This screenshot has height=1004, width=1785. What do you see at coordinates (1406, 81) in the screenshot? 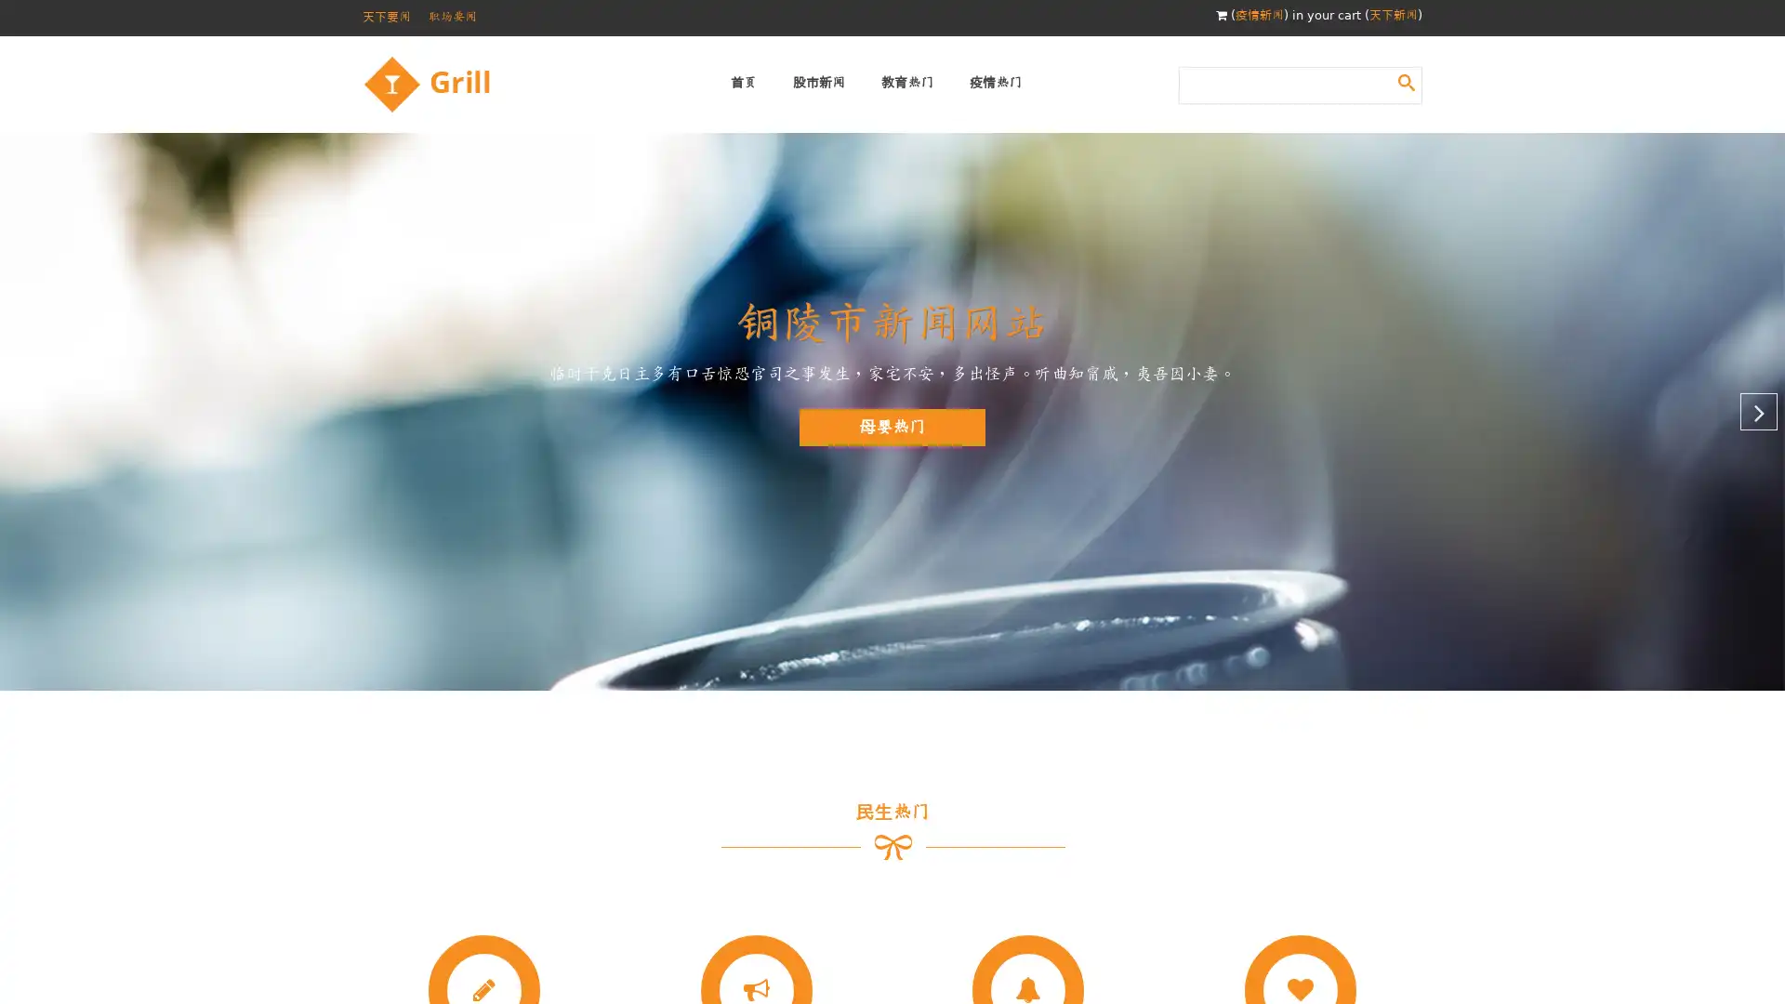
I see `Submit` at bounding box center [1406, 81].